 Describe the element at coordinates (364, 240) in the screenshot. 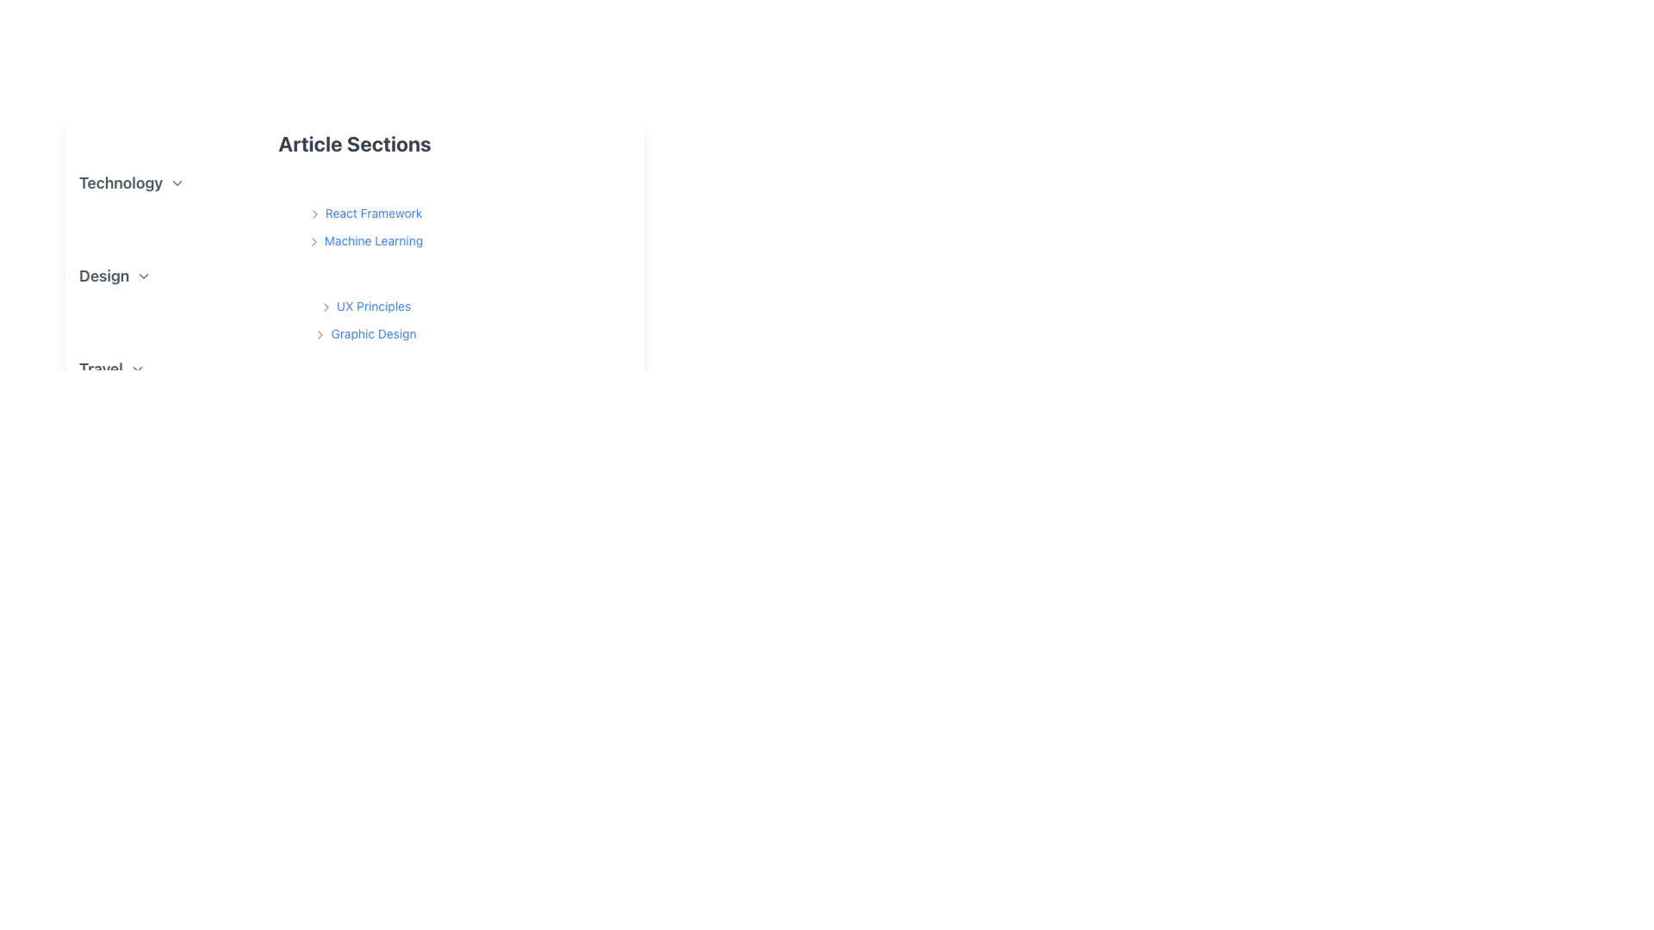

I see `the 'Machine Learning' hyperlink located` at that location.